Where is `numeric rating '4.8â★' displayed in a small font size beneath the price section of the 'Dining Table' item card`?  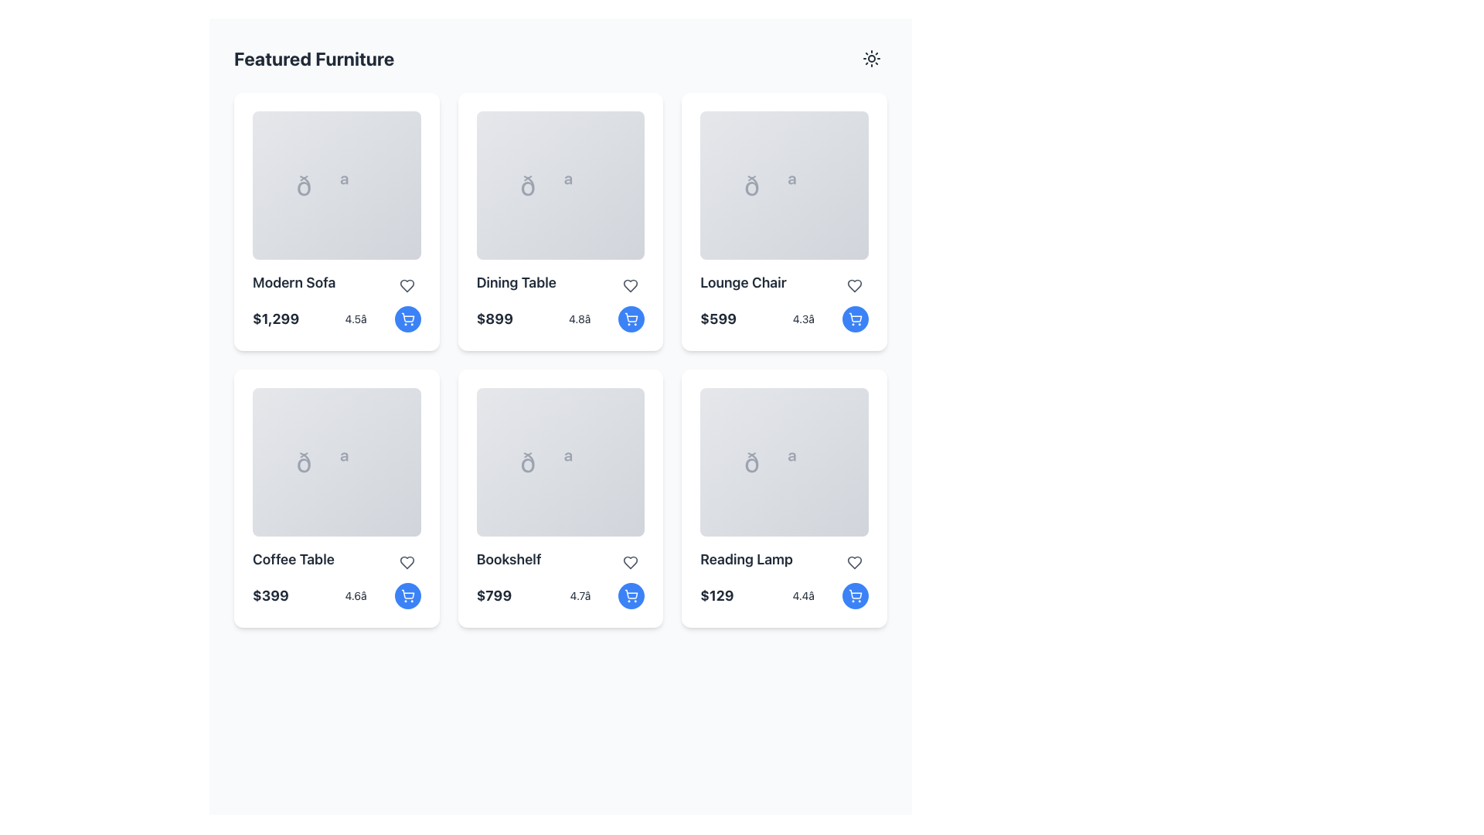 numeric rating '4.8â★' displayed in a small font size beneath the price section of the 'Dining Table' item card is located at coordinates (590, 318).